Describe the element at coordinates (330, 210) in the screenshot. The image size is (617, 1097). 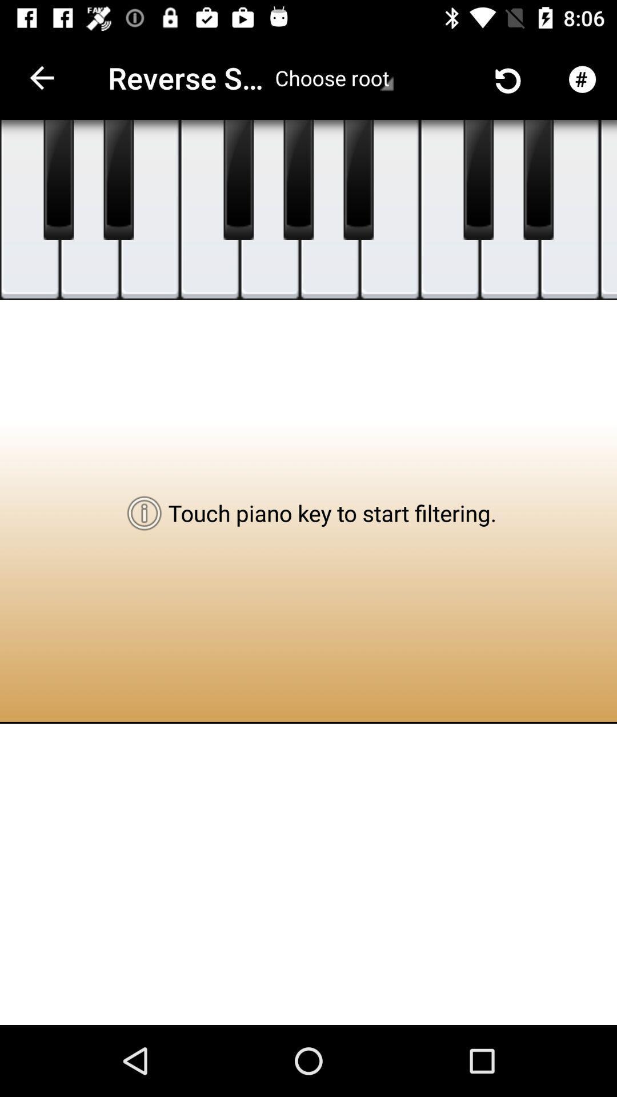
I see `choose music note` at that location.